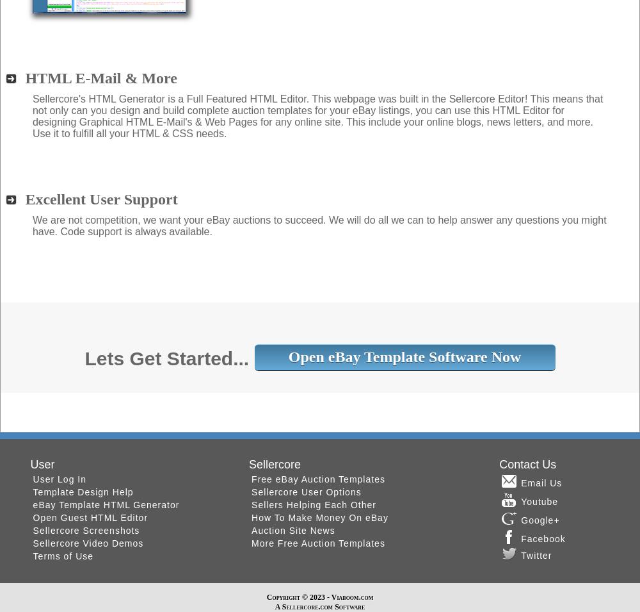 This screenshot has width=640, height=612. I want to click on 'Youtube', so click(539, 500).